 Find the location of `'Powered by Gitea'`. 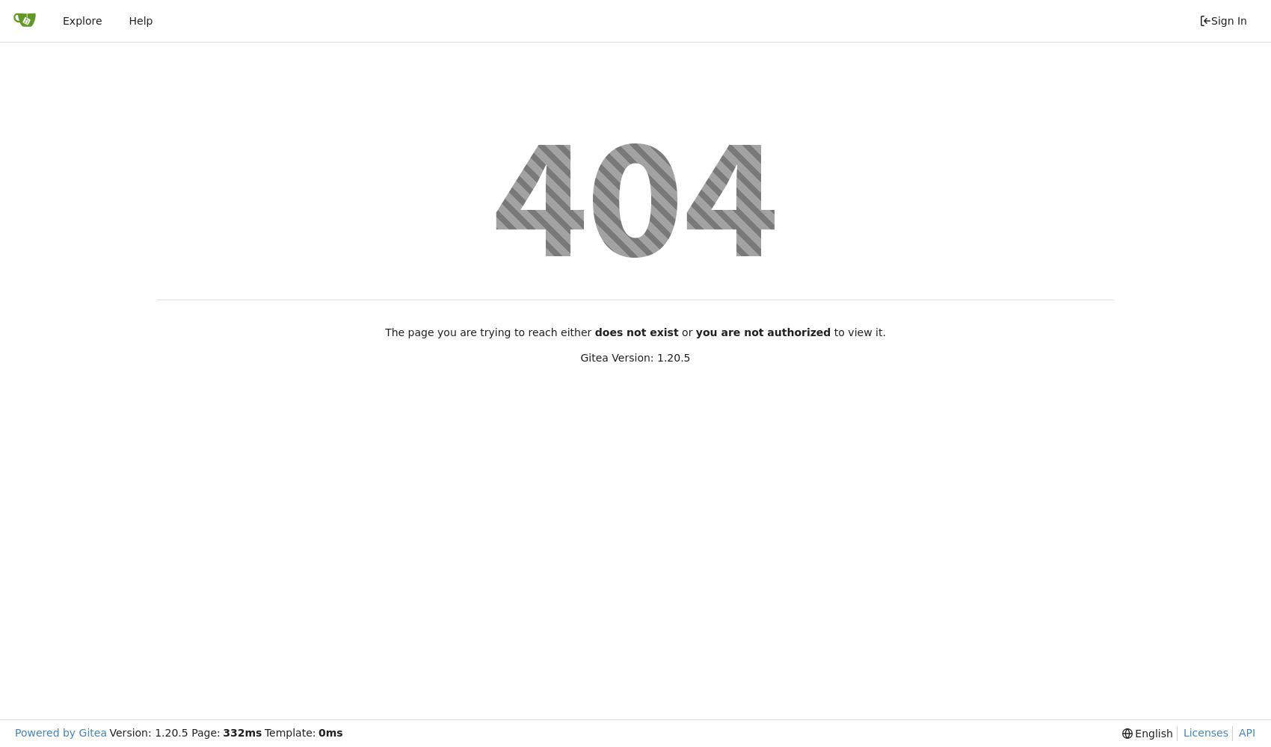

'Powered by Gitea' is located at coordinates (61, 732).